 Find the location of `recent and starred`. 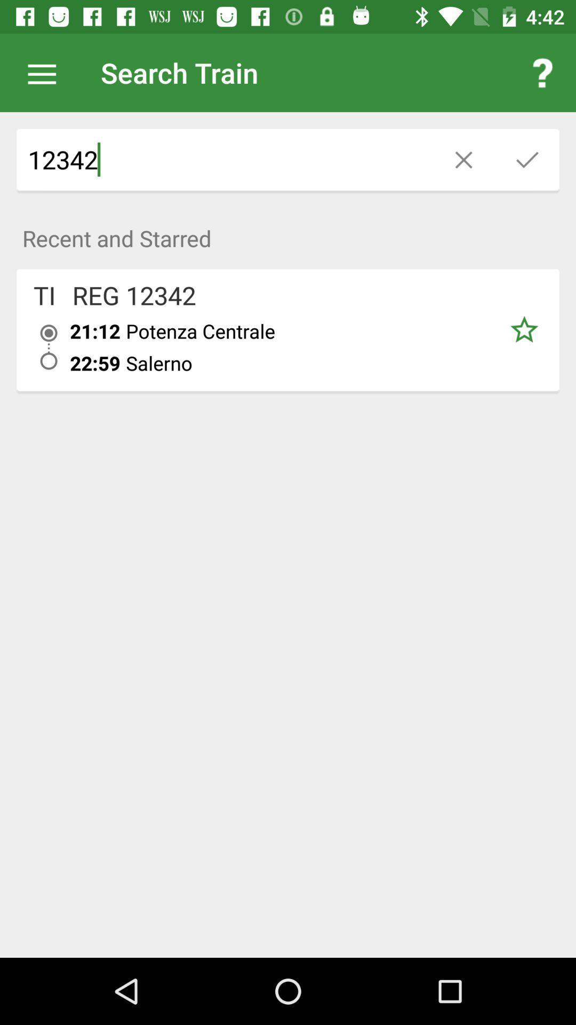

recent and starred is located at coordinates (288, 232).